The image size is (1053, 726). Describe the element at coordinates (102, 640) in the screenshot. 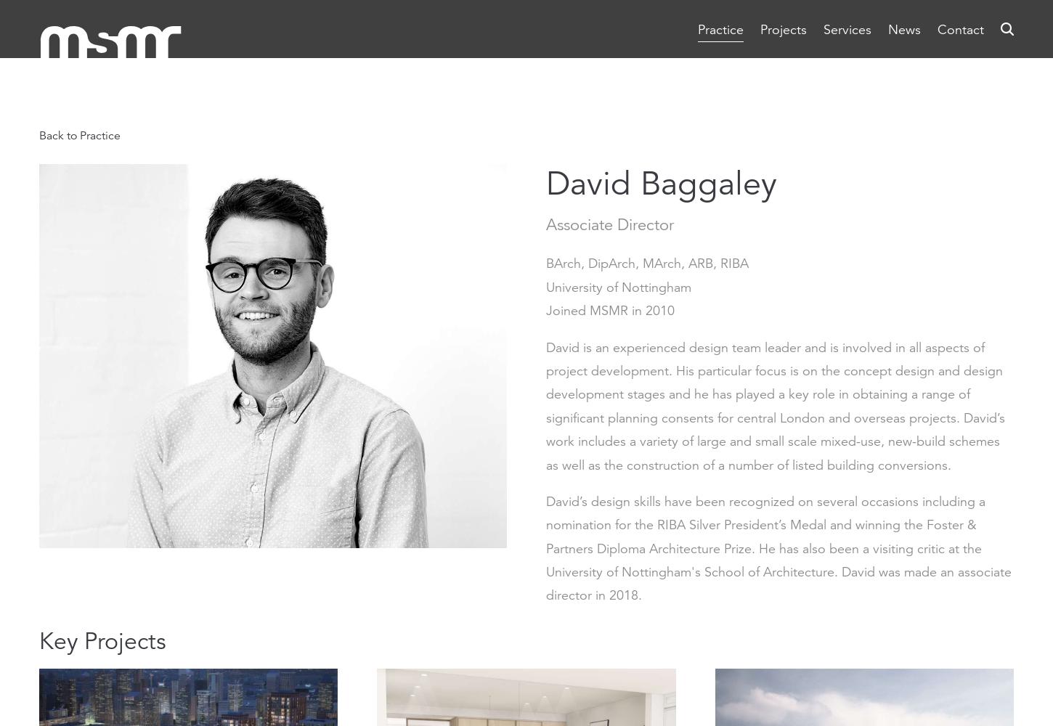

I see `'Key Projects'` at that location.